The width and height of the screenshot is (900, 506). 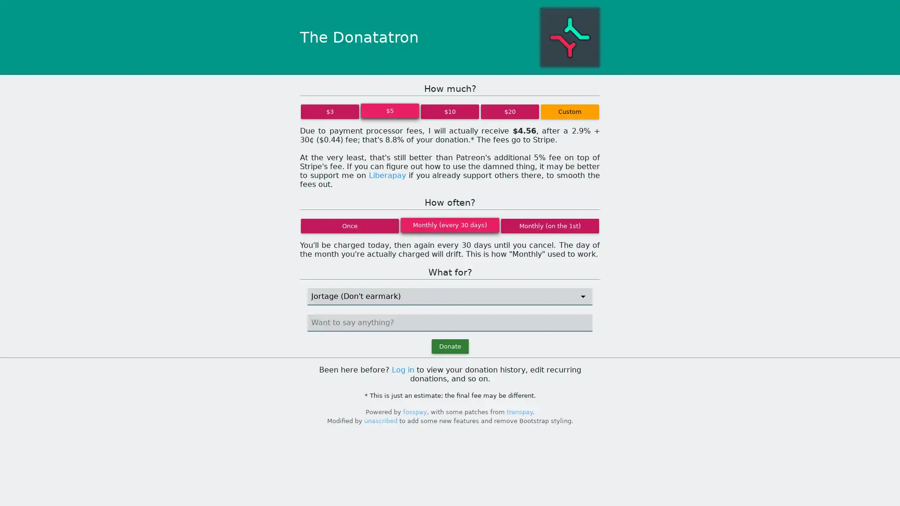 I want to click on Monthly (on the 1st), so click(x=549, y=225).